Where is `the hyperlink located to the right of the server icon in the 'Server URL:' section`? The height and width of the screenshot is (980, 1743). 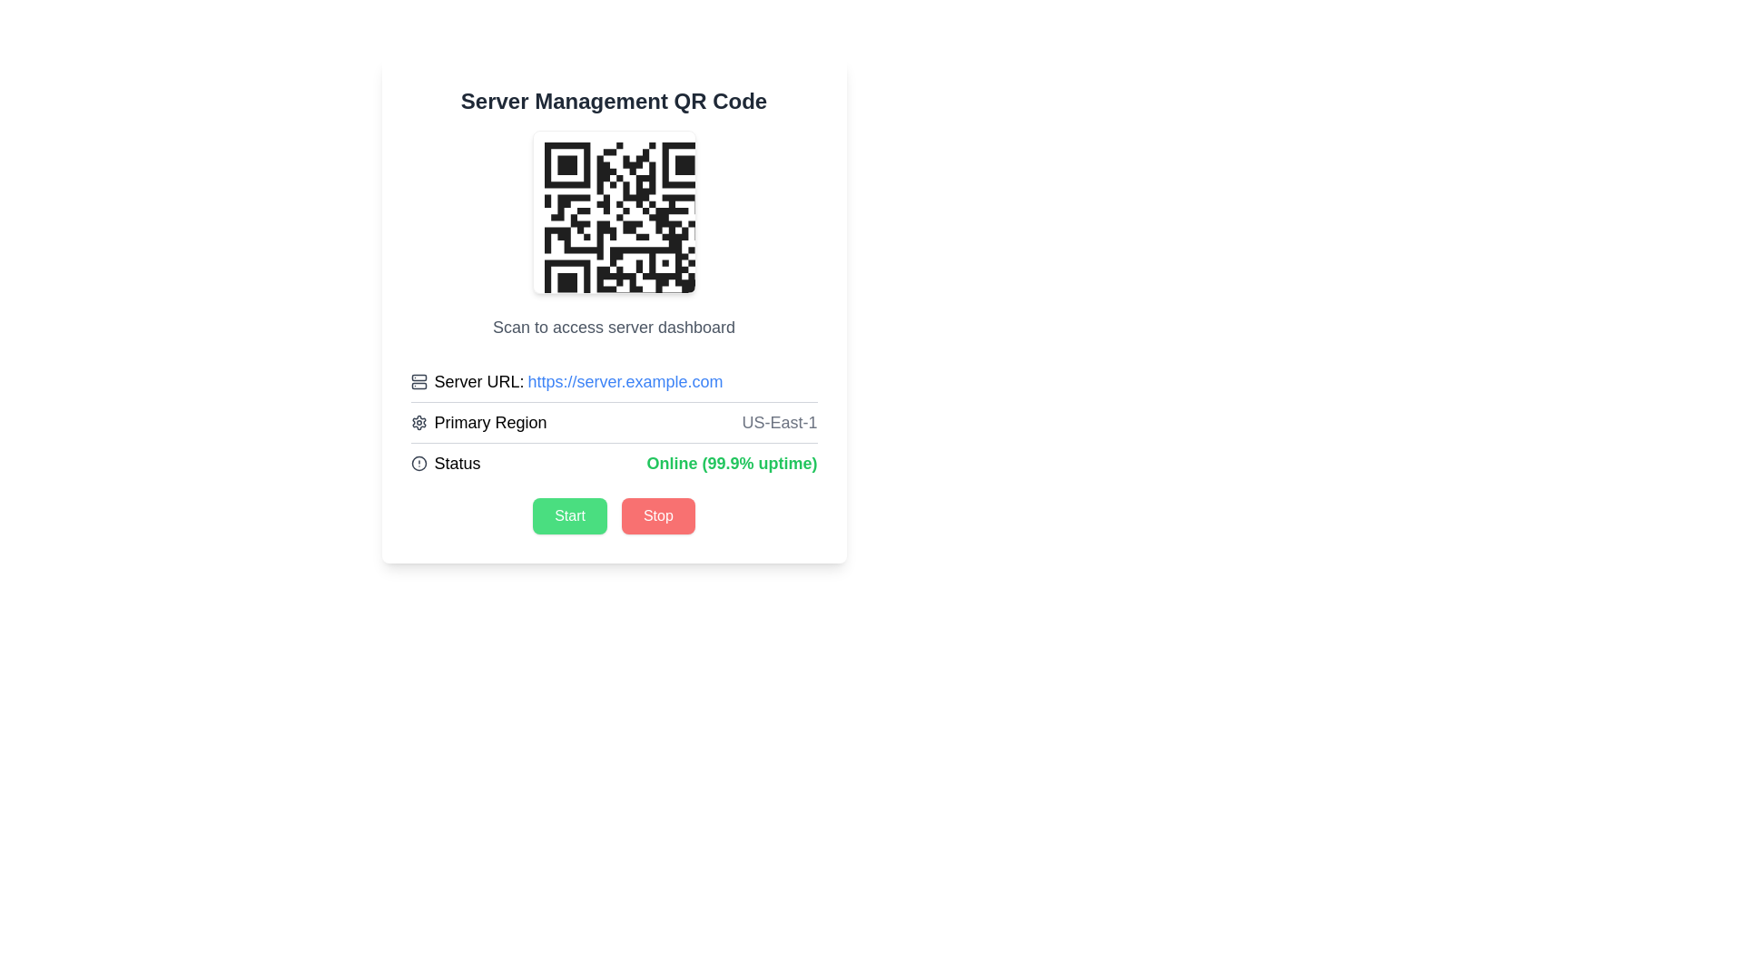
the hyperlink located to the right of the server icon in the 'Server URL:' section is located at coordinates (625, 380).